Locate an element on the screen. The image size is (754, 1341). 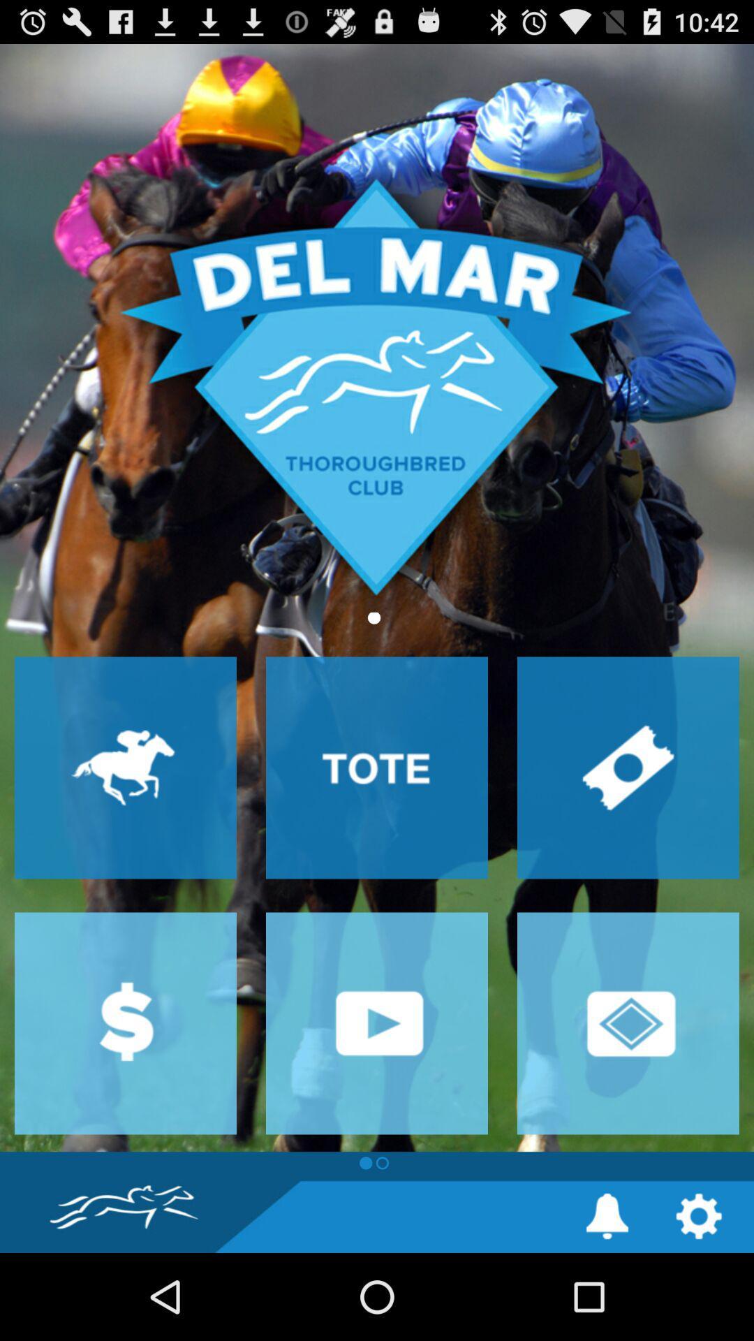
tote is located at coordinates (377, 767).